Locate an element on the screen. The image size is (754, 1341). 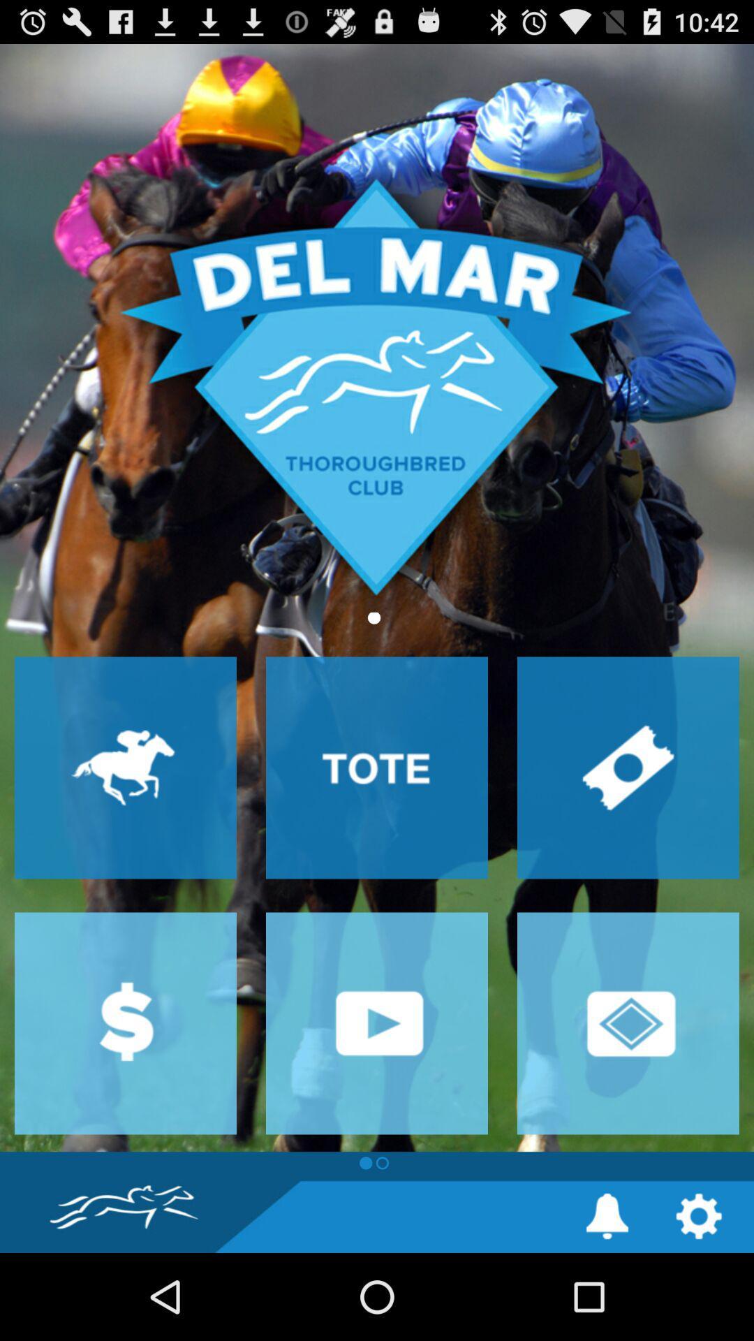
tote is located at coordinates (377, 767).